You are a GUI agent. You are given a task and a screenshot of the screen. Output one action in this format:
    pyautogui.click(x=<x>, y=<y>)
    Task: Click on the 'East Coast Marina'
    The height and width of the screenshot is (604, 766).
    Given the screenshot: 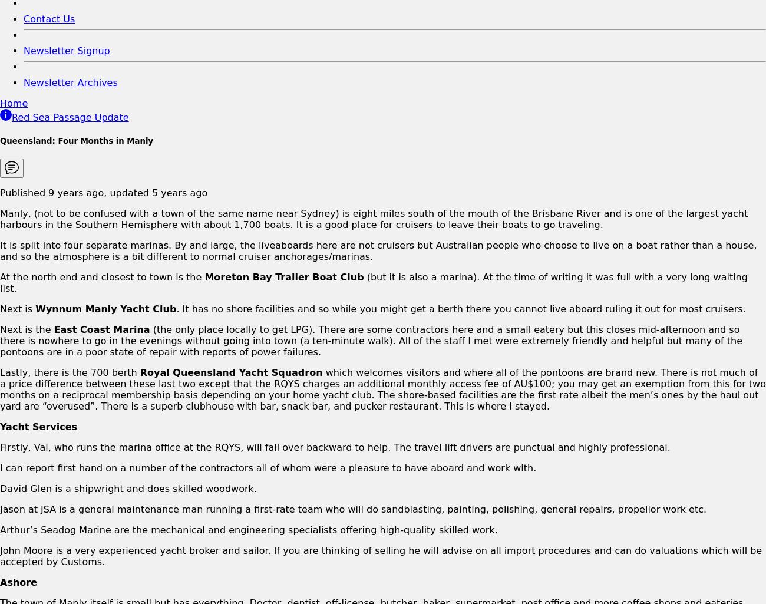 What is the action you would take?
    pyautogui.click(x=54, y=328)
    